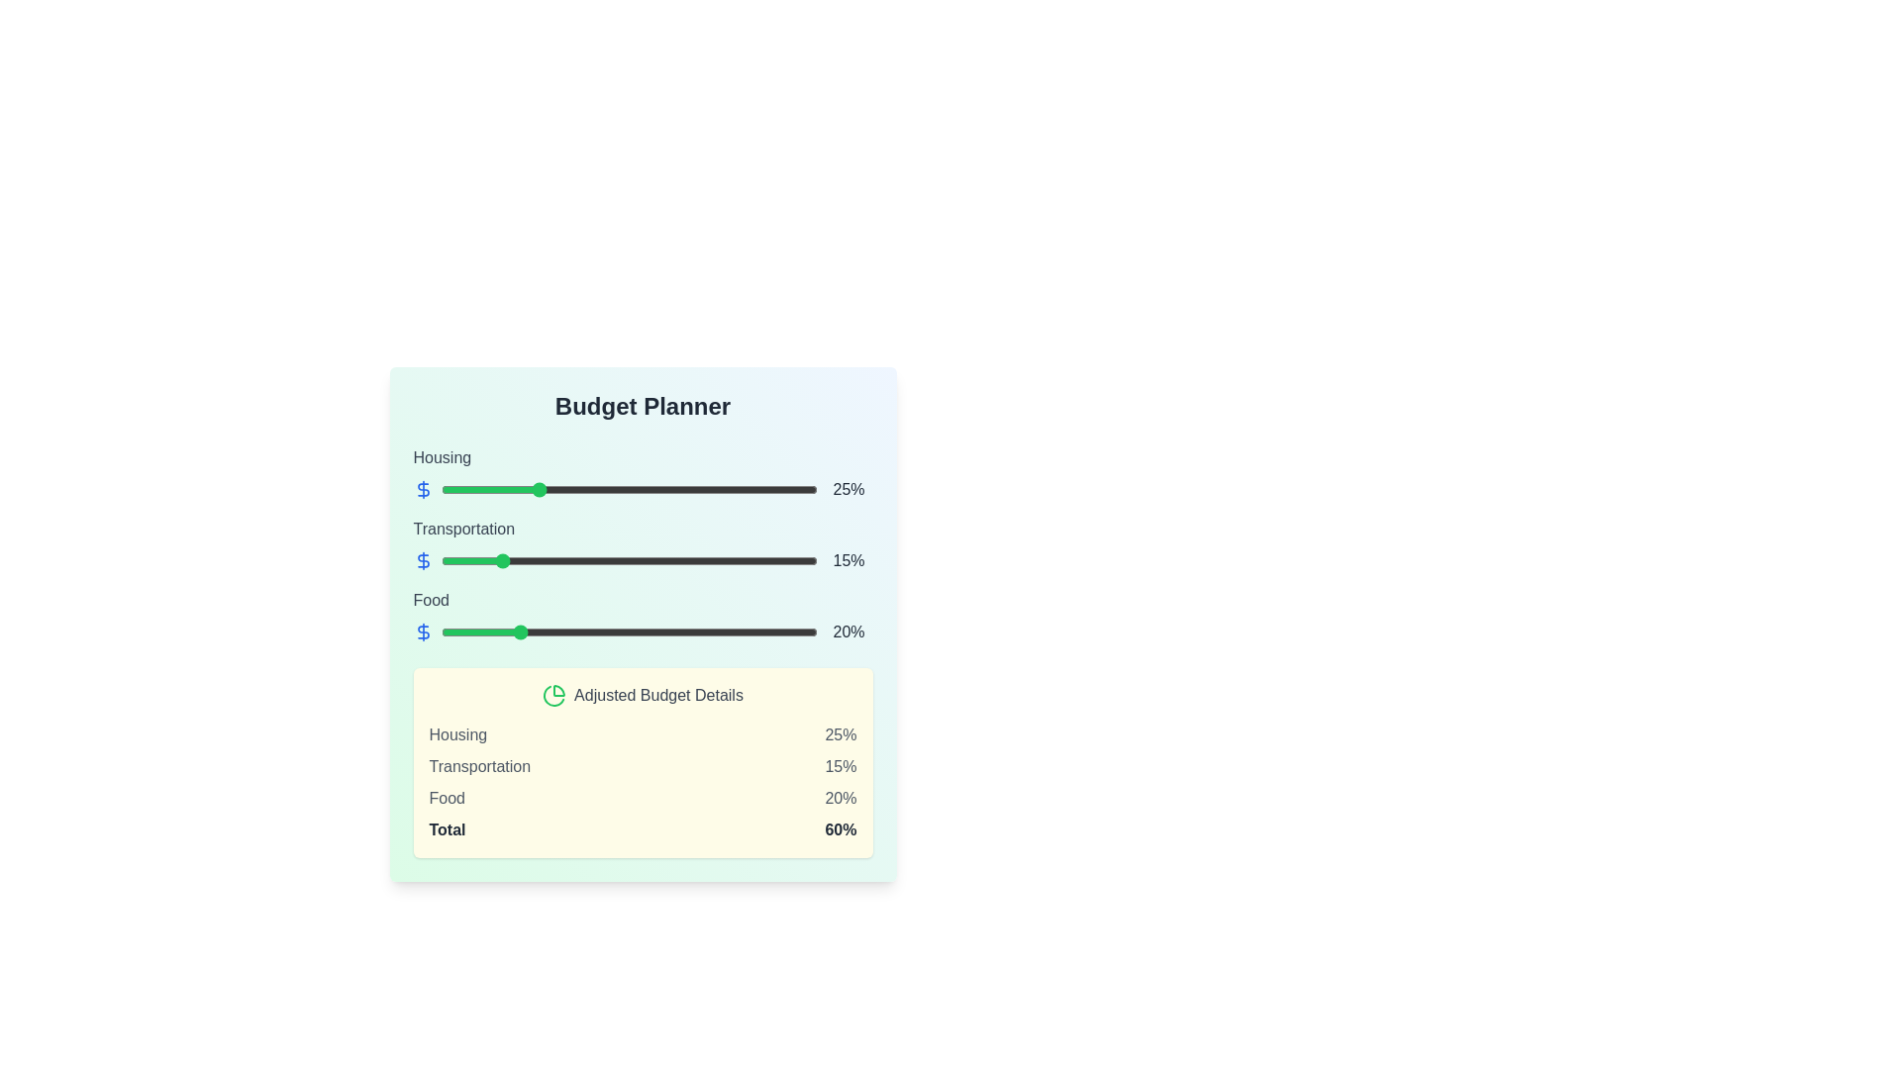  What do you see at coordinates (644, 632) in the screenshot?
I see `the food budget slider` at bounding box center [644, 632].